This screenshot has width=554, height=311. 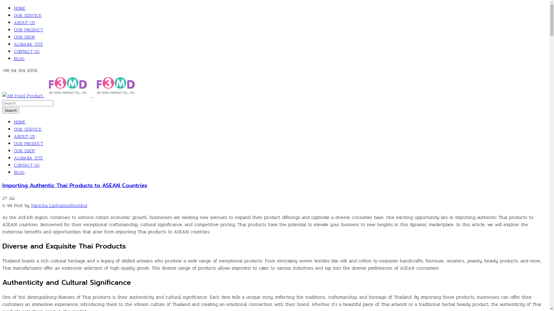 I want to click on 'CONTACT US', so click(x=26, y=51).